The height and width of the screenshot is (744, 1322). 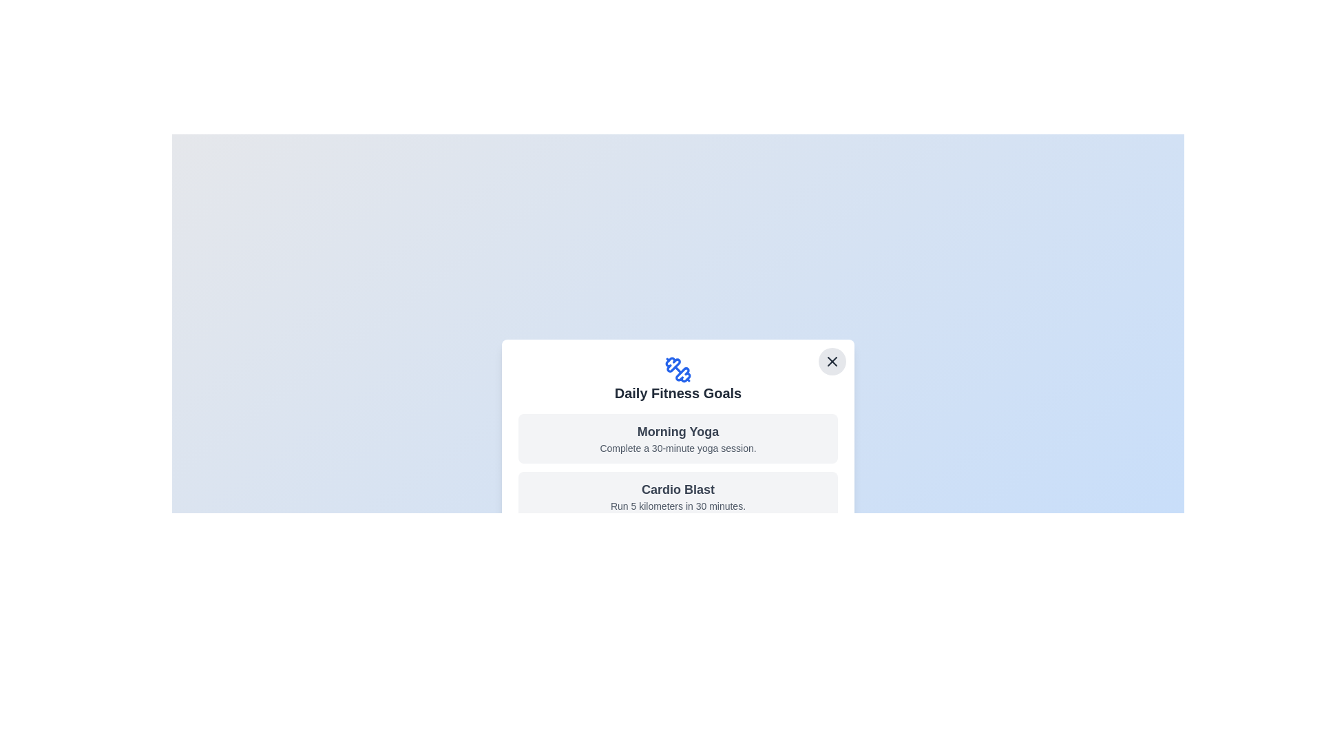 What do you see at coordinates (832, 360) in the screenshot?
I see `the 'X' close button located in the top-right corner of the dialog box displaying fitness goals to potentially see an interaction effect` at bounding box center [832, 360].